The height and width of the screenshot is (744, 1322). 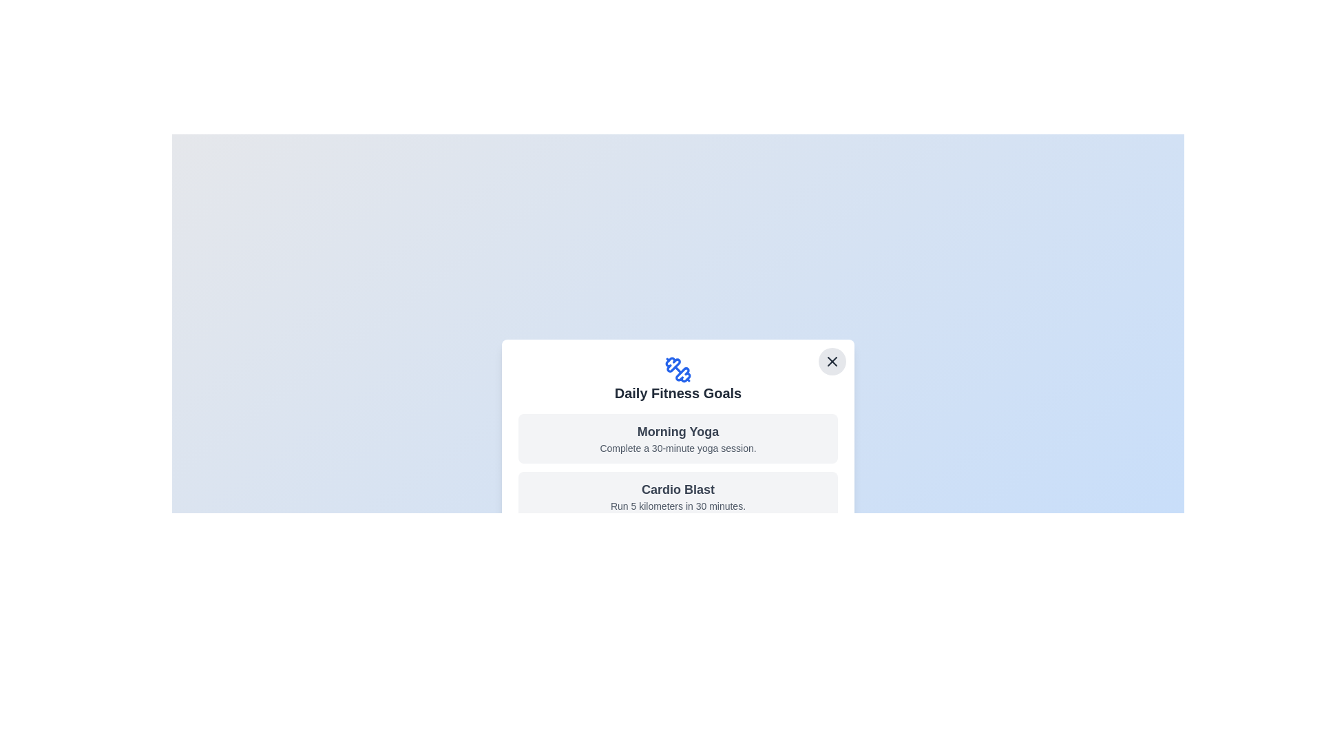 What do you see at coordinates (832, 360) in the screenshot?
I see `the 'X' close button located in the top-right corner of the dialog box displaying fitness goals to potentially see an interaction effect` at bounding box center [832, 360].